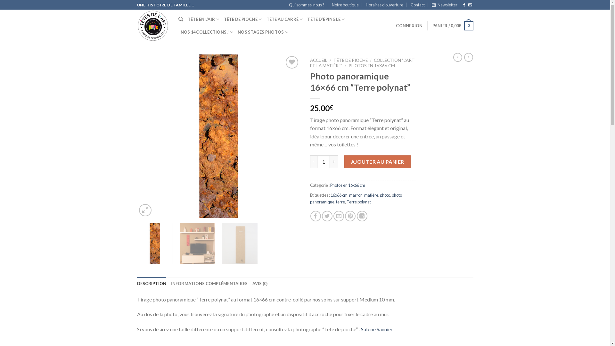 The height and width of the screenshot is (346, 615). What do you see at coordinates (237, 32) in the screenshot?
I see `'NOS STAGES PHOTOS'` at bounding box center [237, 32].